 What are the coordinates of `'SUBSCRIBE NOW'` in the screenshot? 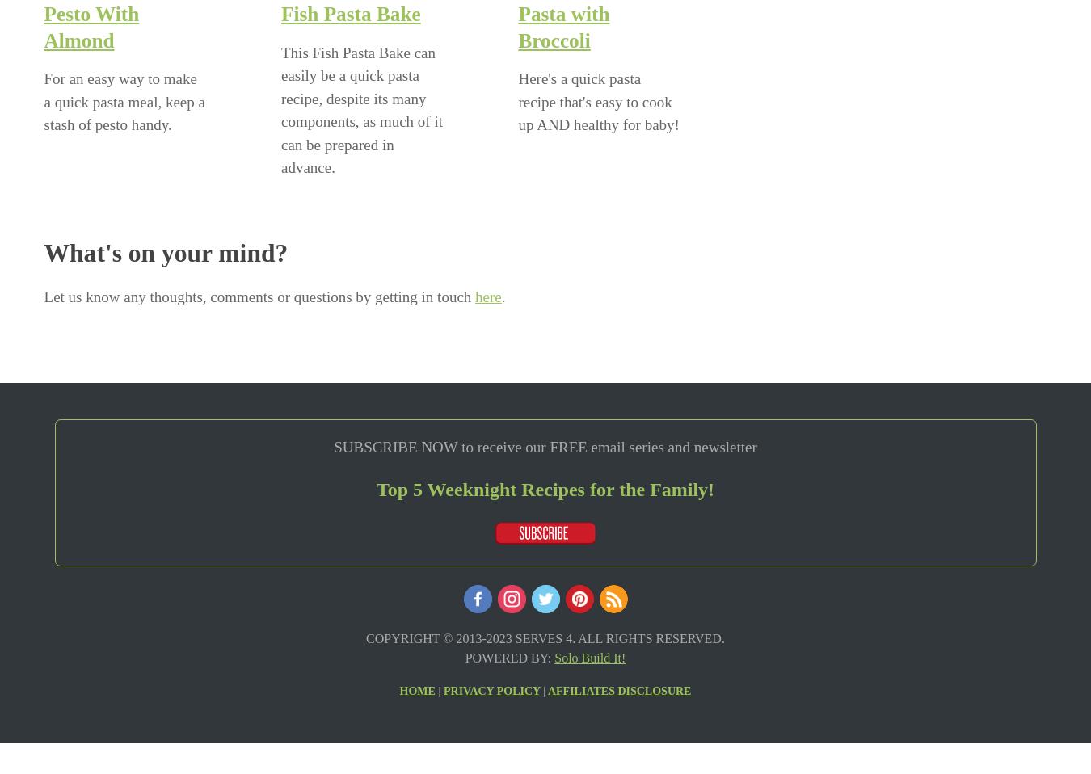 It's located at (394, 446).